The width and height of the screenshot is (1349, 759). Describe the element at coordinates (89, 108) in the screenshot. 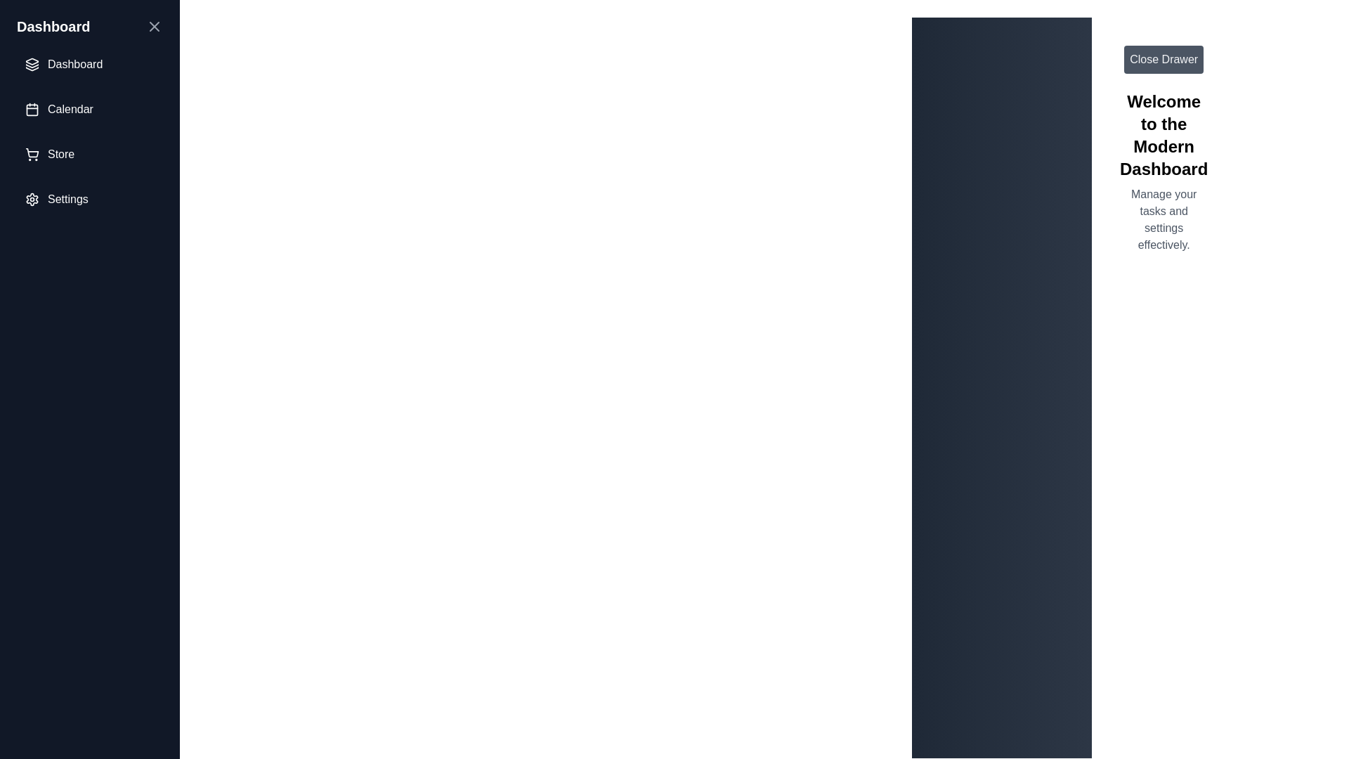

I see `the menu item labeled Calendar` at that location.